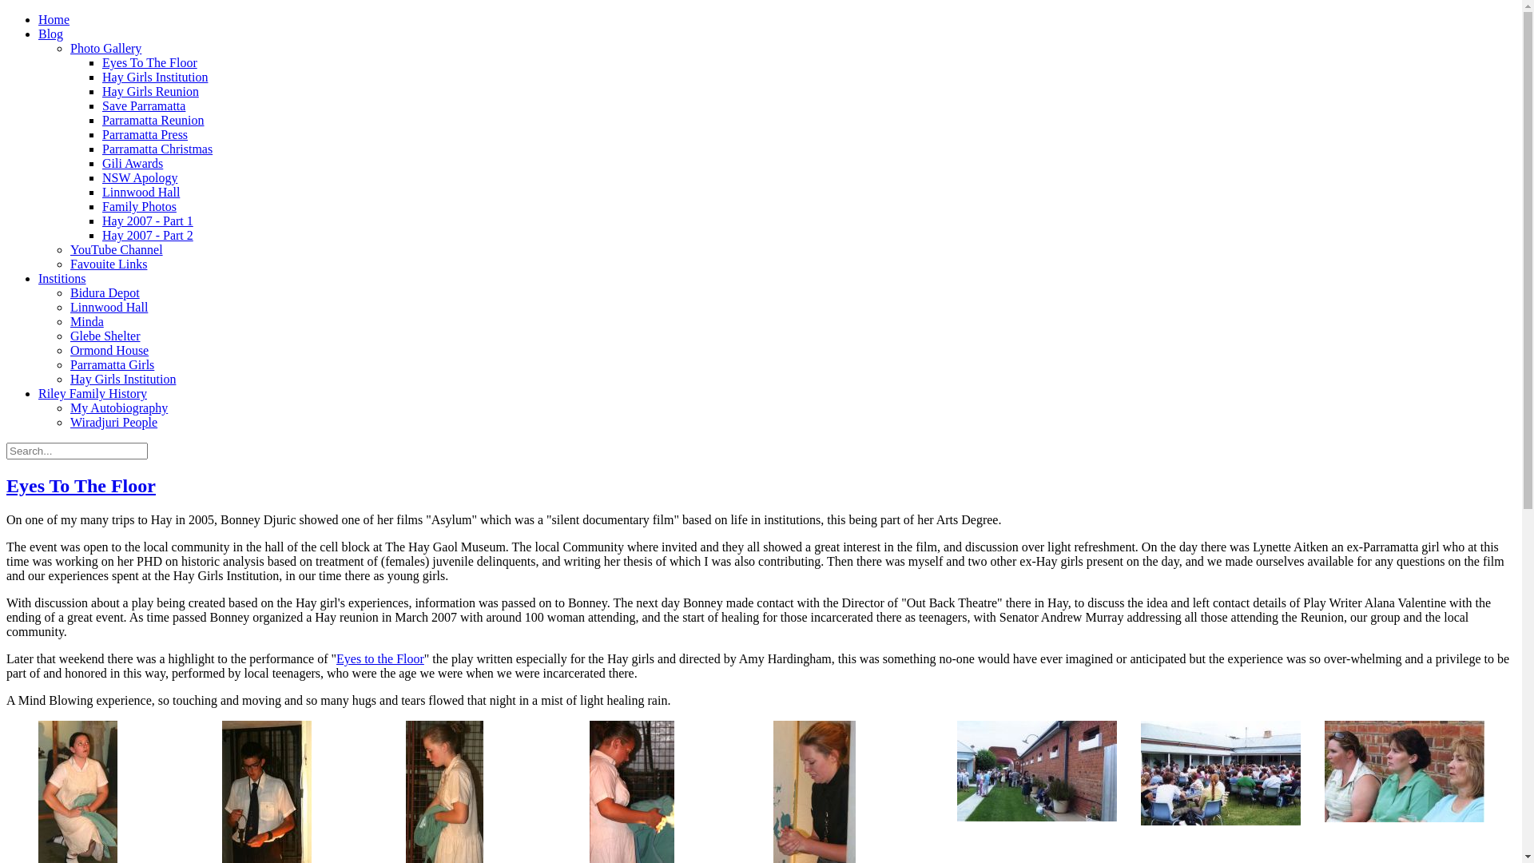 The image size is (1534, 863). Describe the element at coordinates (54, 19) in the screenshot. I see `'Home'` at that location.